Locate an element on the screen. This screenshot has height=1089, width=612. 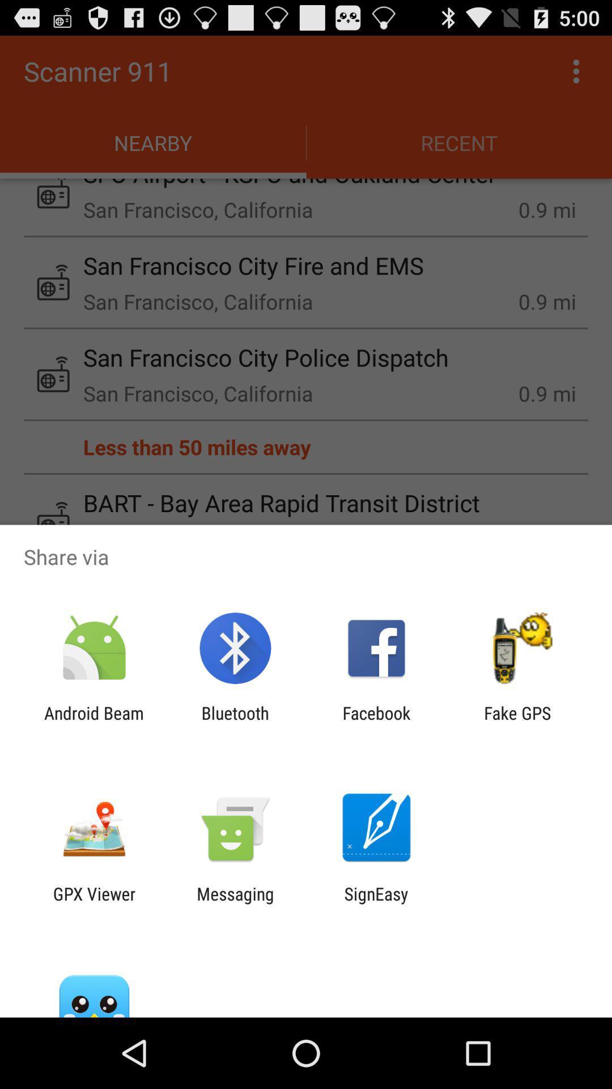
the item next to the facebook item is located at coordinates (235, 723).